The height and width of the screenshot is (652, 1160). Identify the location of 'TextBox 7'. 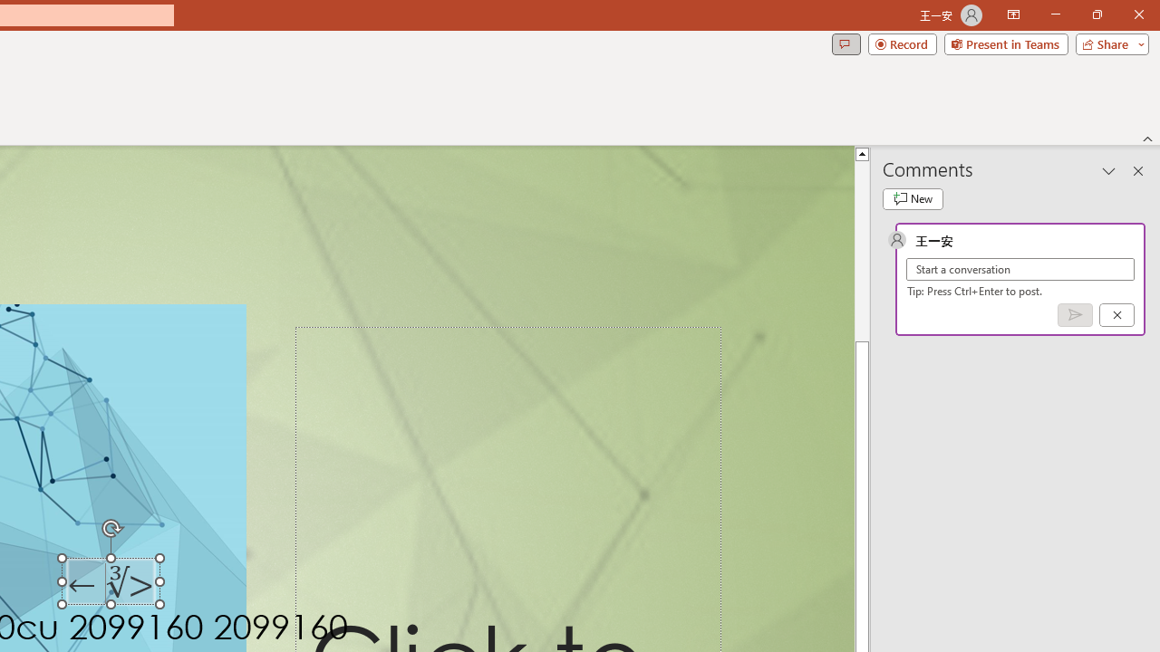
(111, 584).